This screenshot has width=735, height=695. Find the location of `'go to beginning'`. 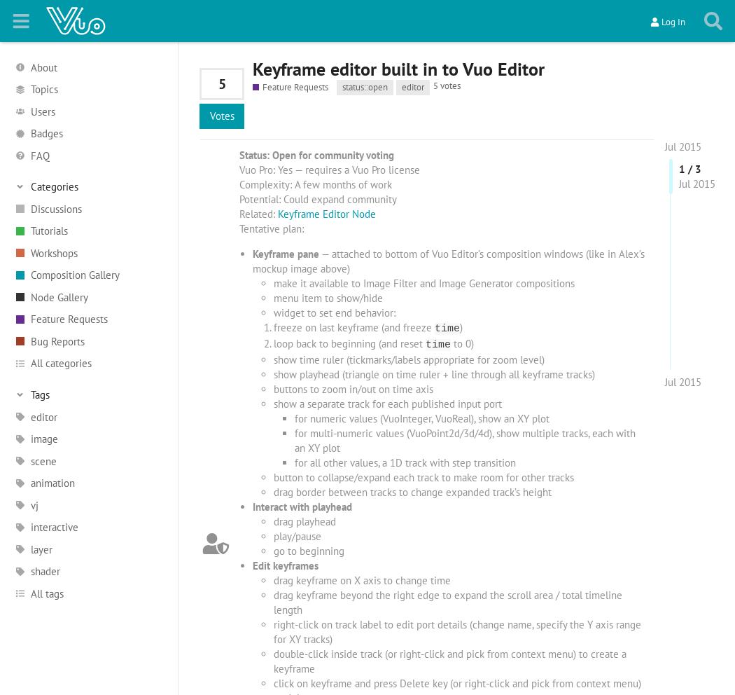

'go to beginning' is located at coordinates (307, 551).